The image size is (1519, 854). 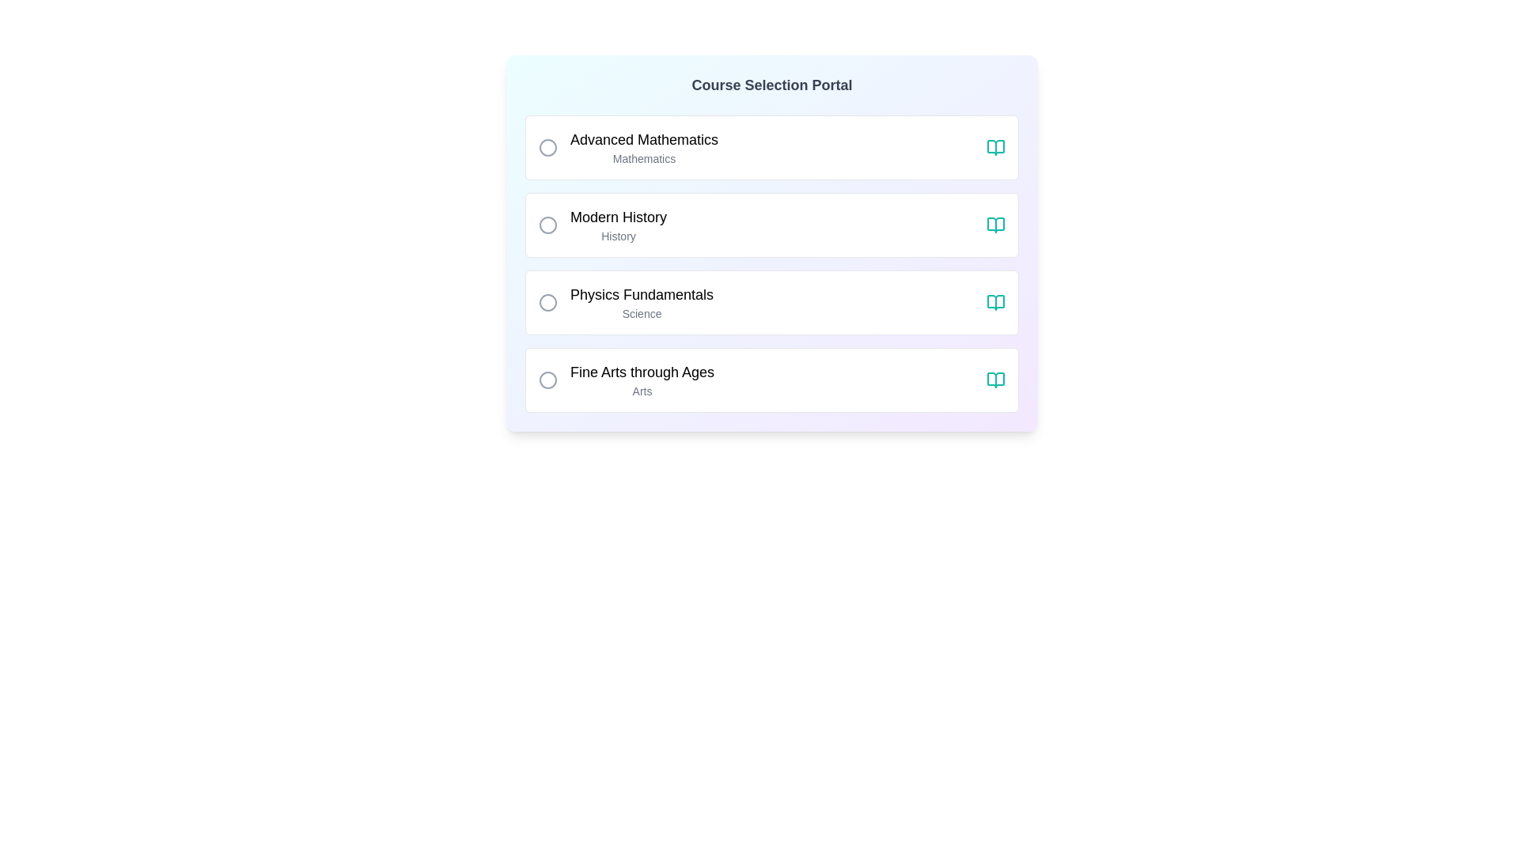 What do you see at coordinates (547, 147) in the screenshot?
I see `the radio button for the course option 'Advanced Mathematics'` at bounding box center [547, 147].